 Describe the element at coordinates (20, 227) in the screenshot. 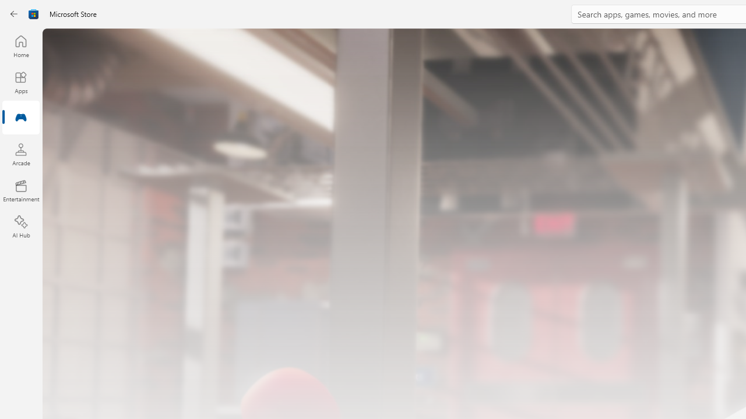

I see `'AI Hub'` at that location.